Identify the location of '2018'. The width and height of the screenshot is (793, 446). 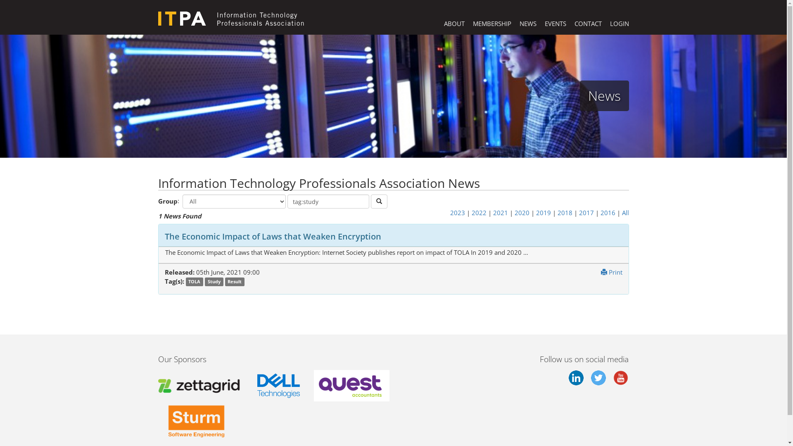
(565, 212).